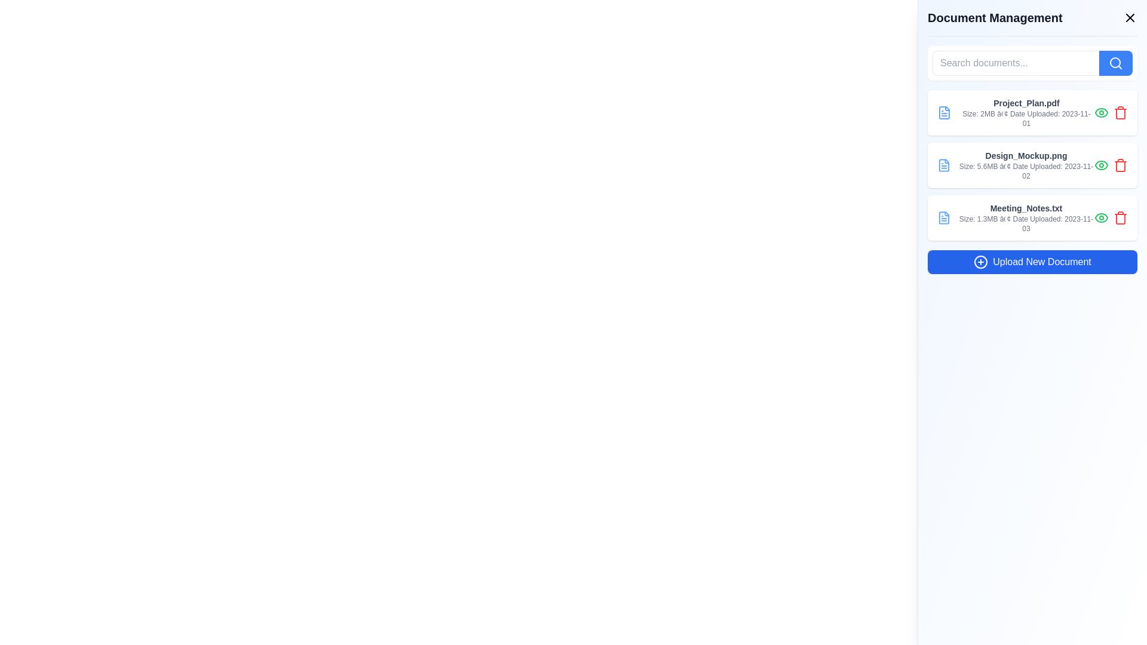 This screenshot has height=645, width=1147. What do you see at coordinates (1115, 63) in the screenshot?
I see `the search icon located in the top-right corner of the search bar within the 'Document Management' section` at bounding box center [1115, 63].